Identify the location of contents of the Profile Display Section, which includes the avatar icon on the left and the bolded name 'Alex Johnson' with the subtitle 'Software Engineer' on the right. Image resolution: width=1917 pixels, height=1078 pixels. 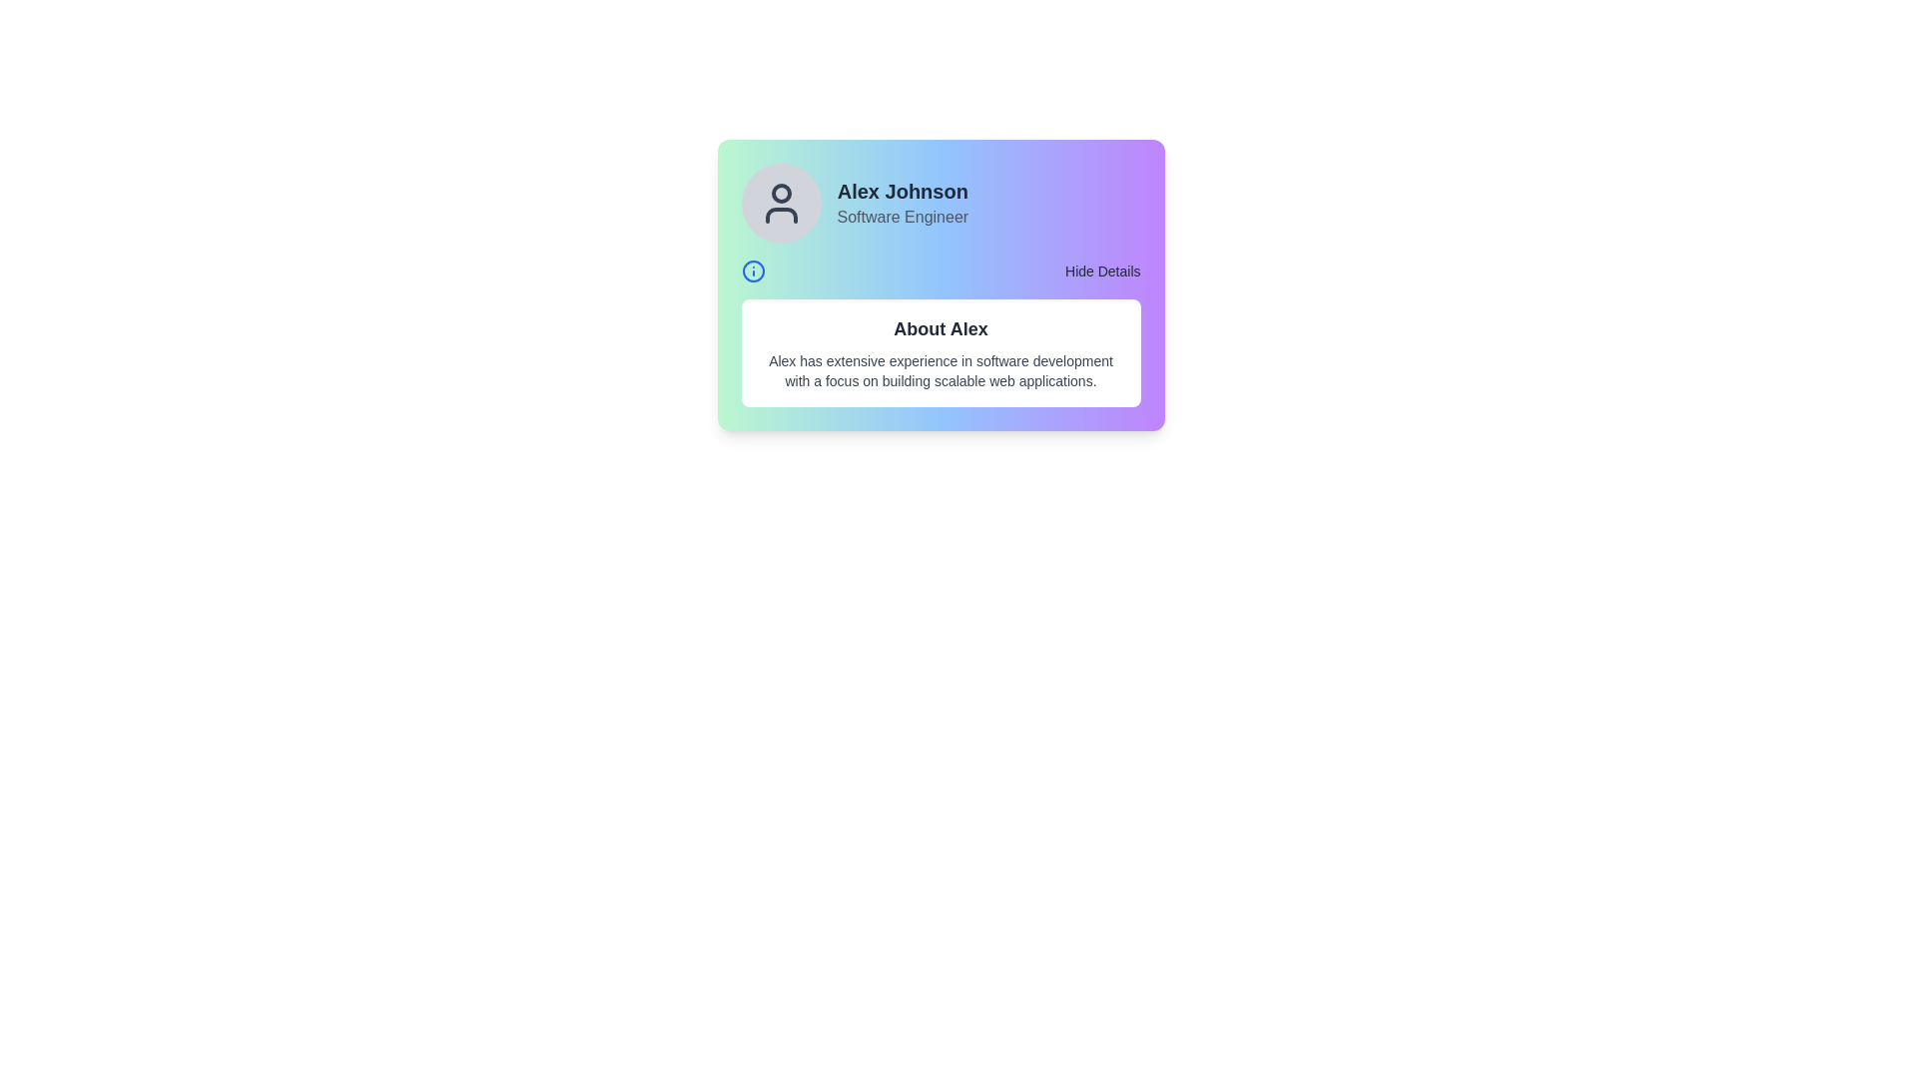
(940, 204).